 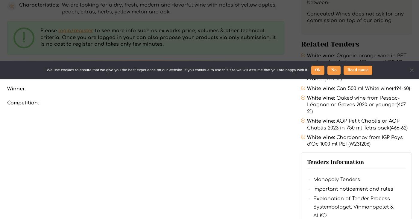 I want to click on 'to see more info such as ex works price, volumes & other technical criteria. Once you are logged in your can also propose your products via only submission. It is no cost to register and takes only few minutes.', so click(x=158, y=37).